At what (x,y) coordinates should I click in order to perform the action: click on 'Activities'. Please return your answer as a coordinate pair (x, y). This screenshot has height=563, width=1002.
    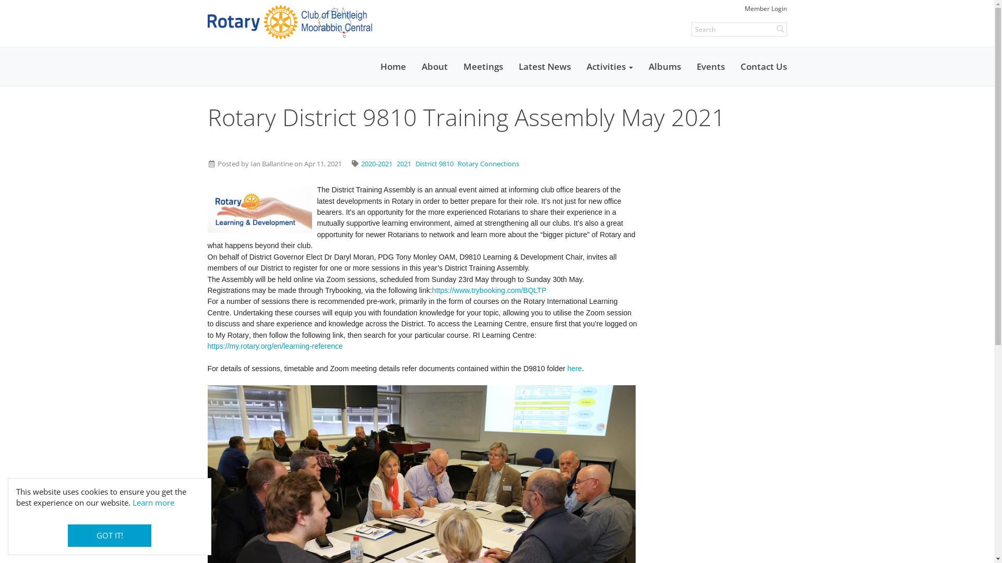
    Looking at the image, I should click on (609, 66).